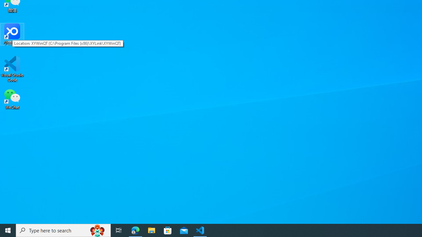 This screenshot has width=422, height=237. Describe the element at coordinates (12, 98) in the screenshot. I see `'WeChat'` at that location.